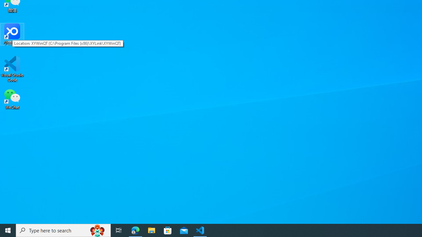 This screenshot has width=422, height=237. Describe the element at coordinates (12, 98) in the screenshot. I see `'WeChat'` at that location.